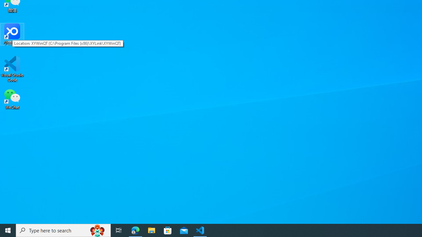 This screenshot has width=422, height=237. Describe the element at coordinates (12, 98) in the screenshot. I see `'WeChat'` at that location.